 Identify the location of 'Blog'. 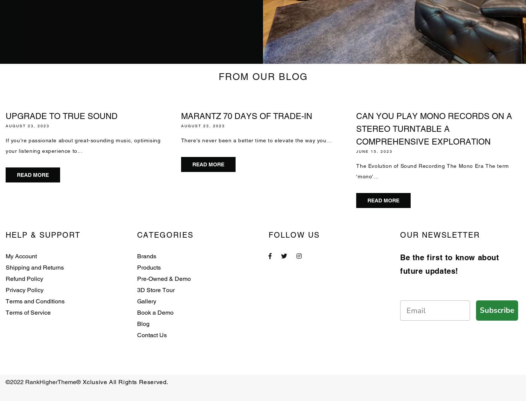
(143, 323).